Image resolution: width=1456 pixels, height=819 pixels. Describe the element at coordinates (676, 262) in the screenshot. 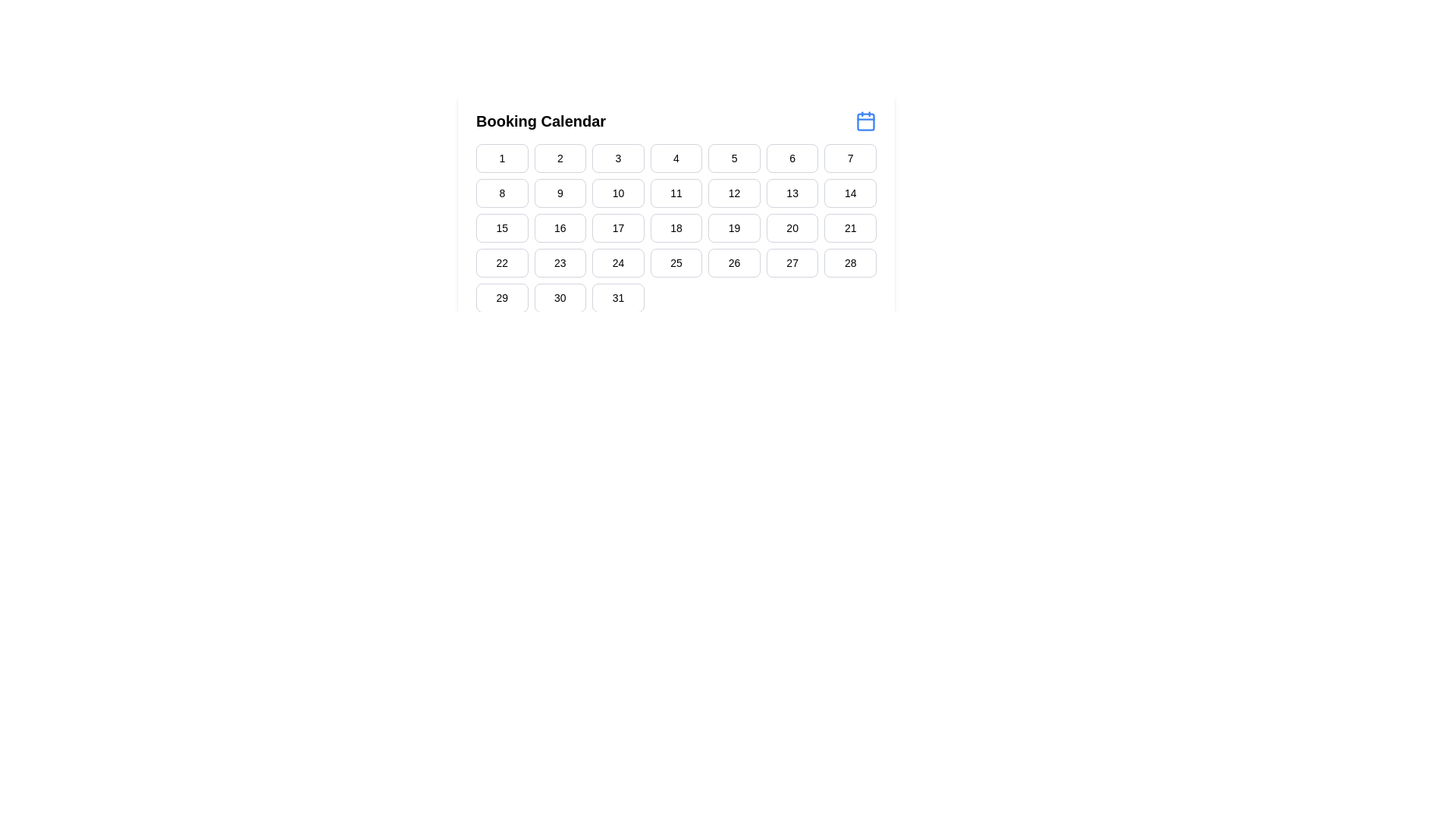

I see `the button representing the 25th day in the booking calendar, which is the fourth item in the fourth row of a grid layout` at that location.